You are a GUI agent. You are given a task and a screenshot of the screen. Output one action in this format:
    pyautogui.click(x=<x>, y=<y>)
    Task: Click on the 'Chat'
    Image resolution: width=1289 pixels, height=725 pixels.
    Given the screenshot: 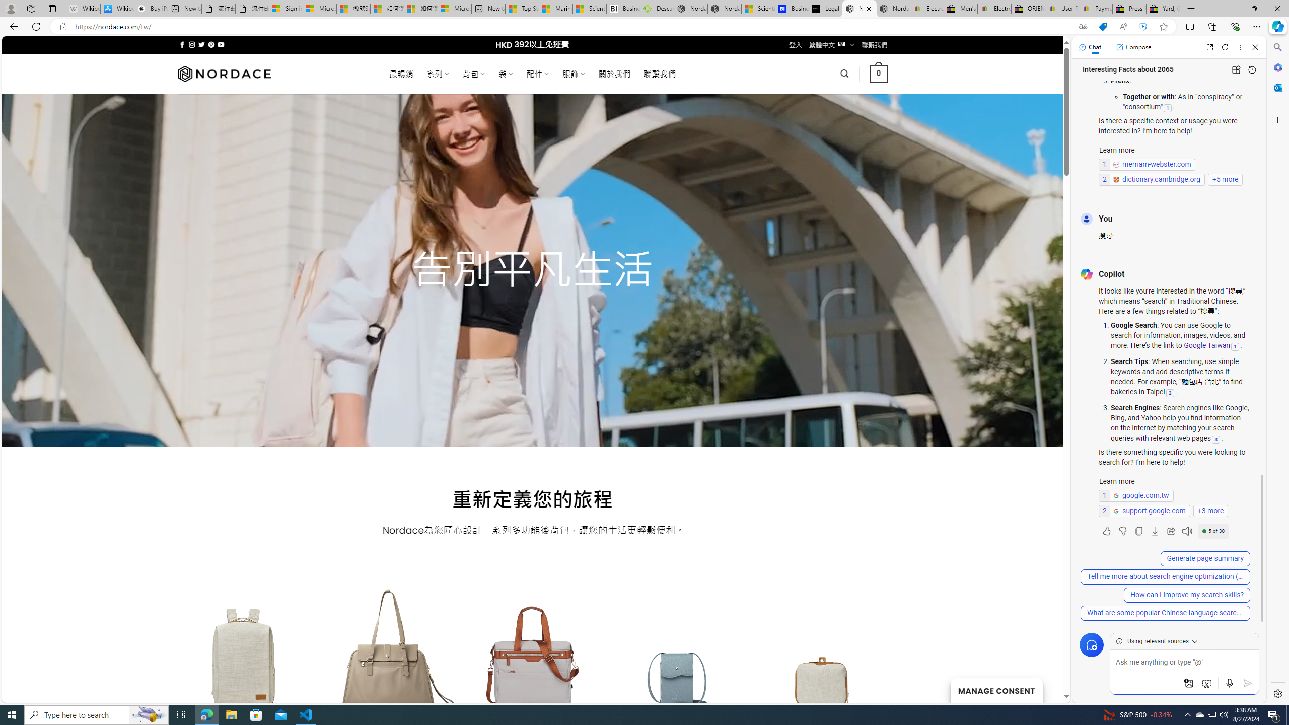 What is the action you would take?
    pyautogui.click(x=1090, y=46)
    